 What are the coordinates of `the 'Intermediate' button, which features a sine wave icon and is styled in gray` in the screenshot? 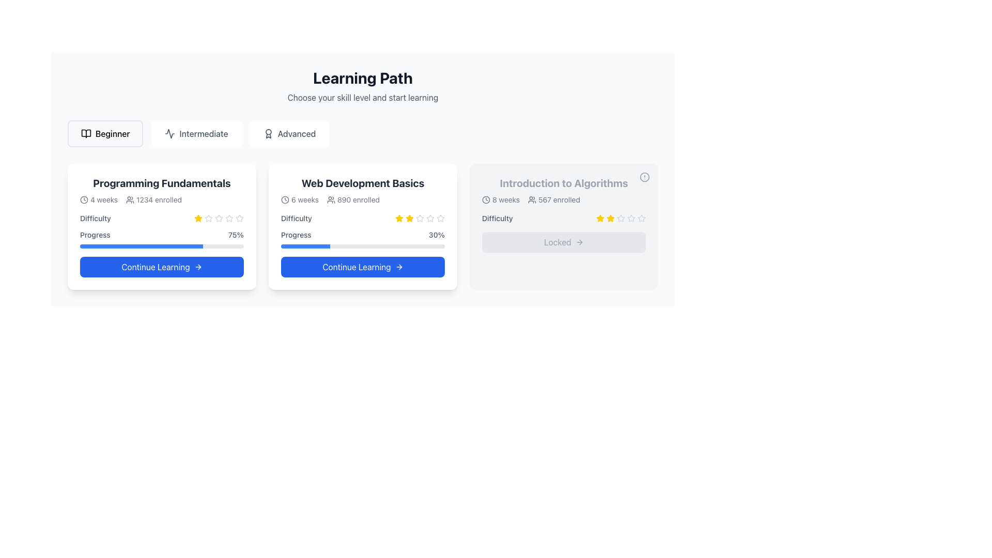 It's located at (196, 133).